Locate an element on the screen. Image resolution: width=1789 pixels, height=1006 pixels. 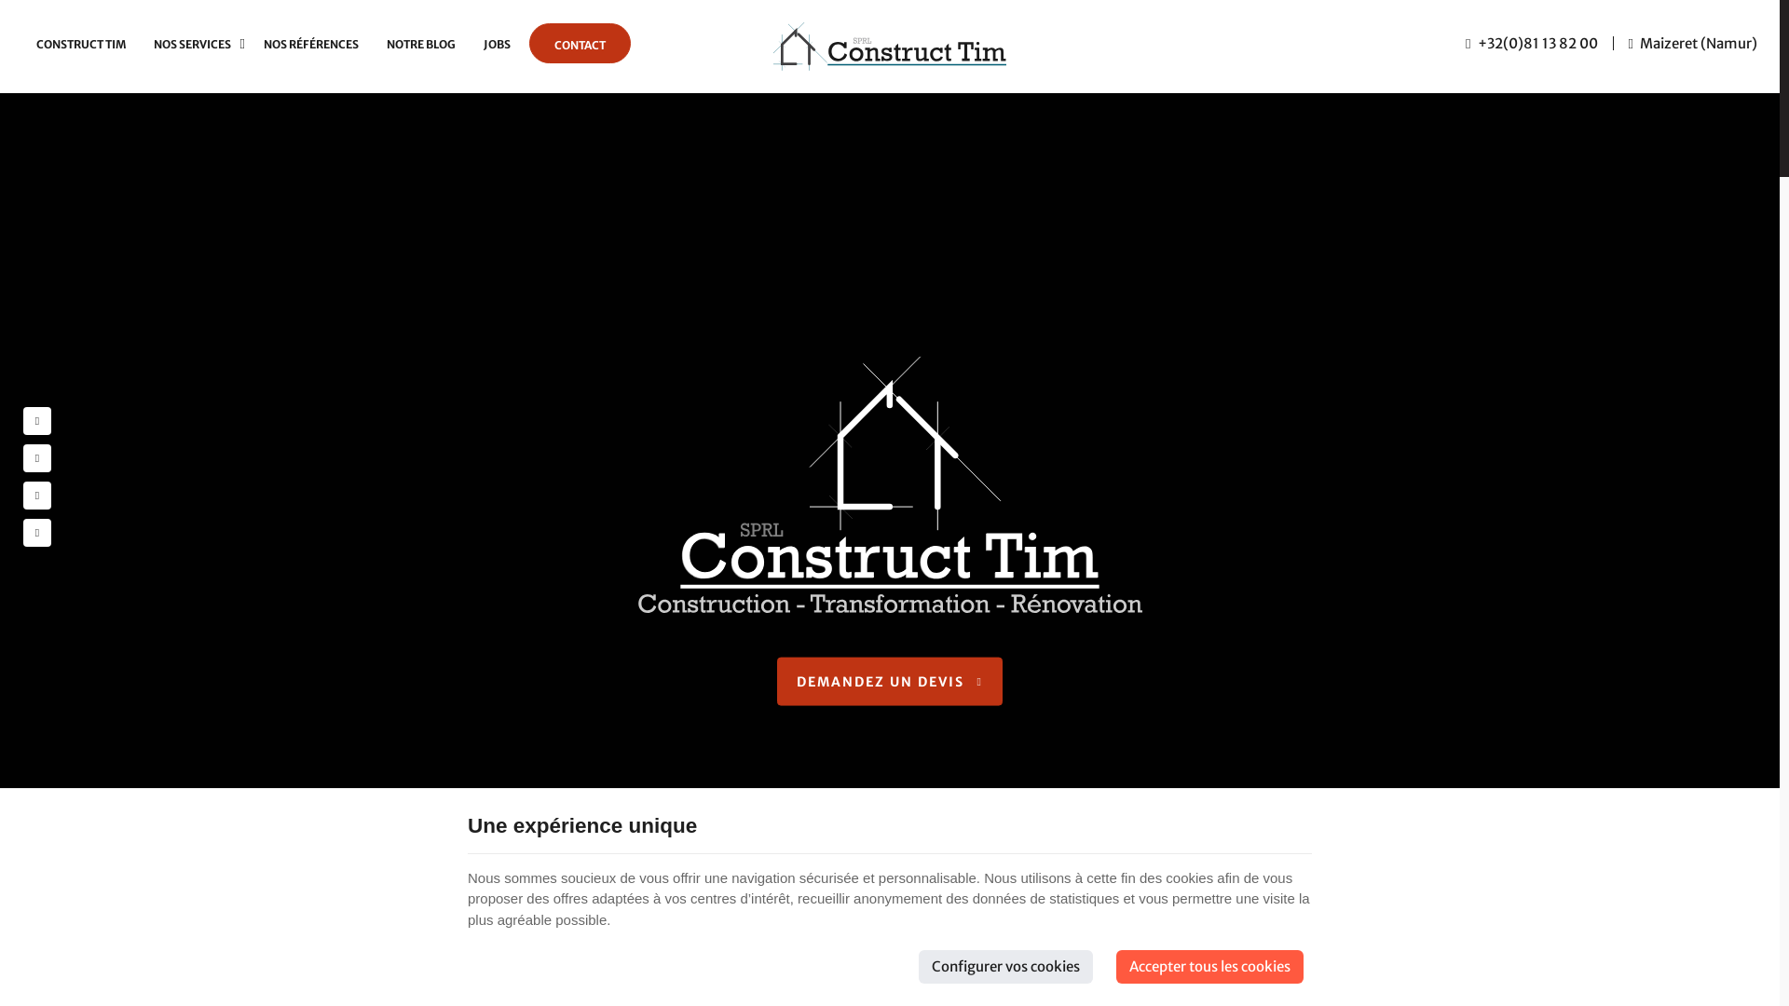
'CONSTRUCT TIM' is located at coordinates (79, 43).